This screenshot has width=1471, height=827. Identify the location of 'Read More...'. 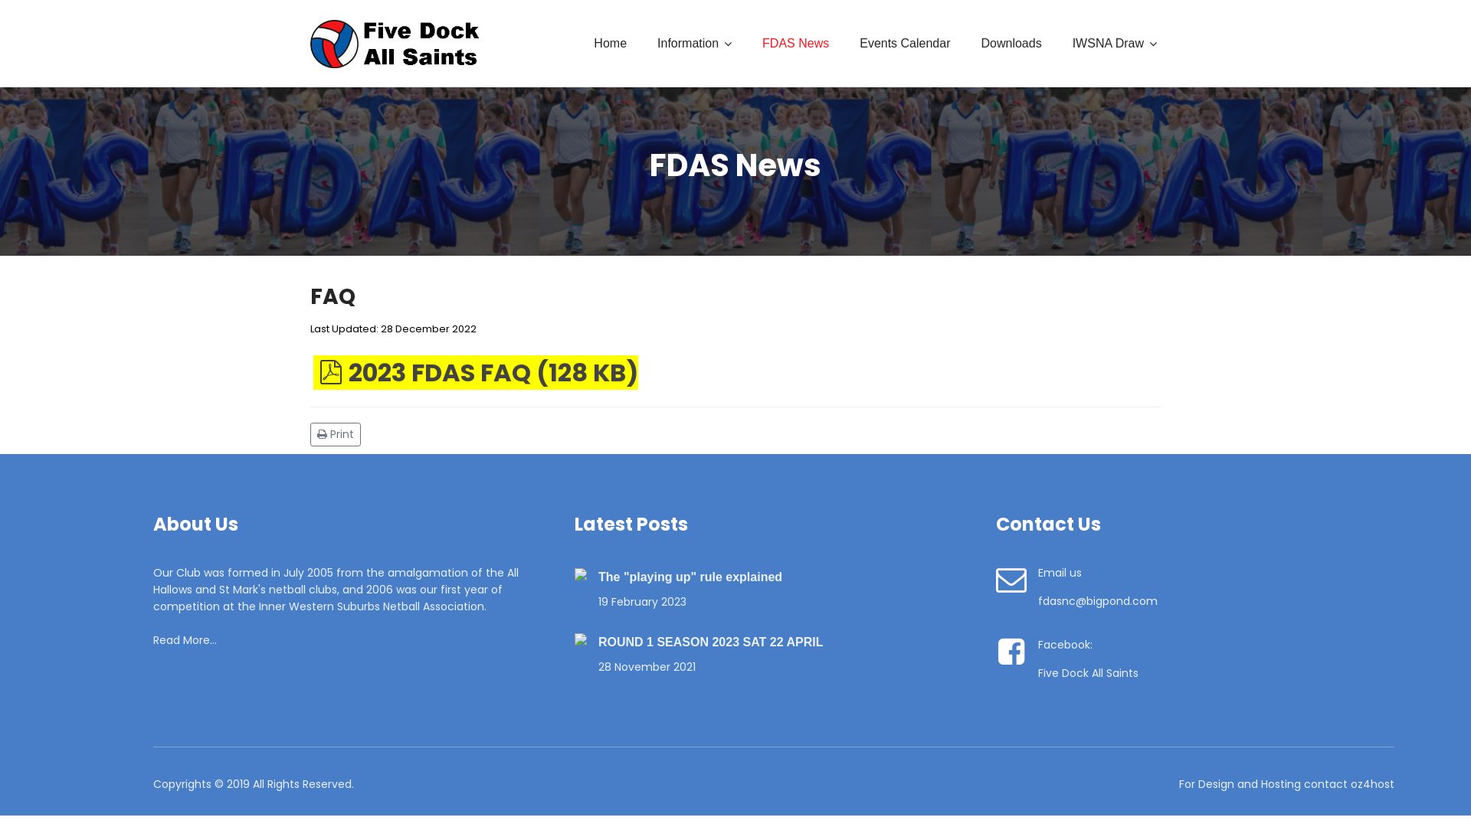
(184, 640).